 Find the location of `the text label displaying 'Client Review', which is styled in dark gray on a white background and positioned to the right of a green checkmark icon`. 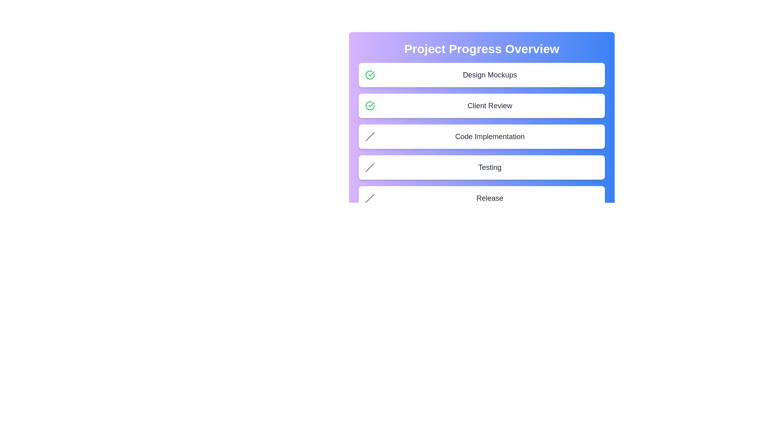

the text label displaying 'Client Review', which is styled in dark gray on a white background and positioned to the right of a green checkmark icon is located at coordinates (489, 105).